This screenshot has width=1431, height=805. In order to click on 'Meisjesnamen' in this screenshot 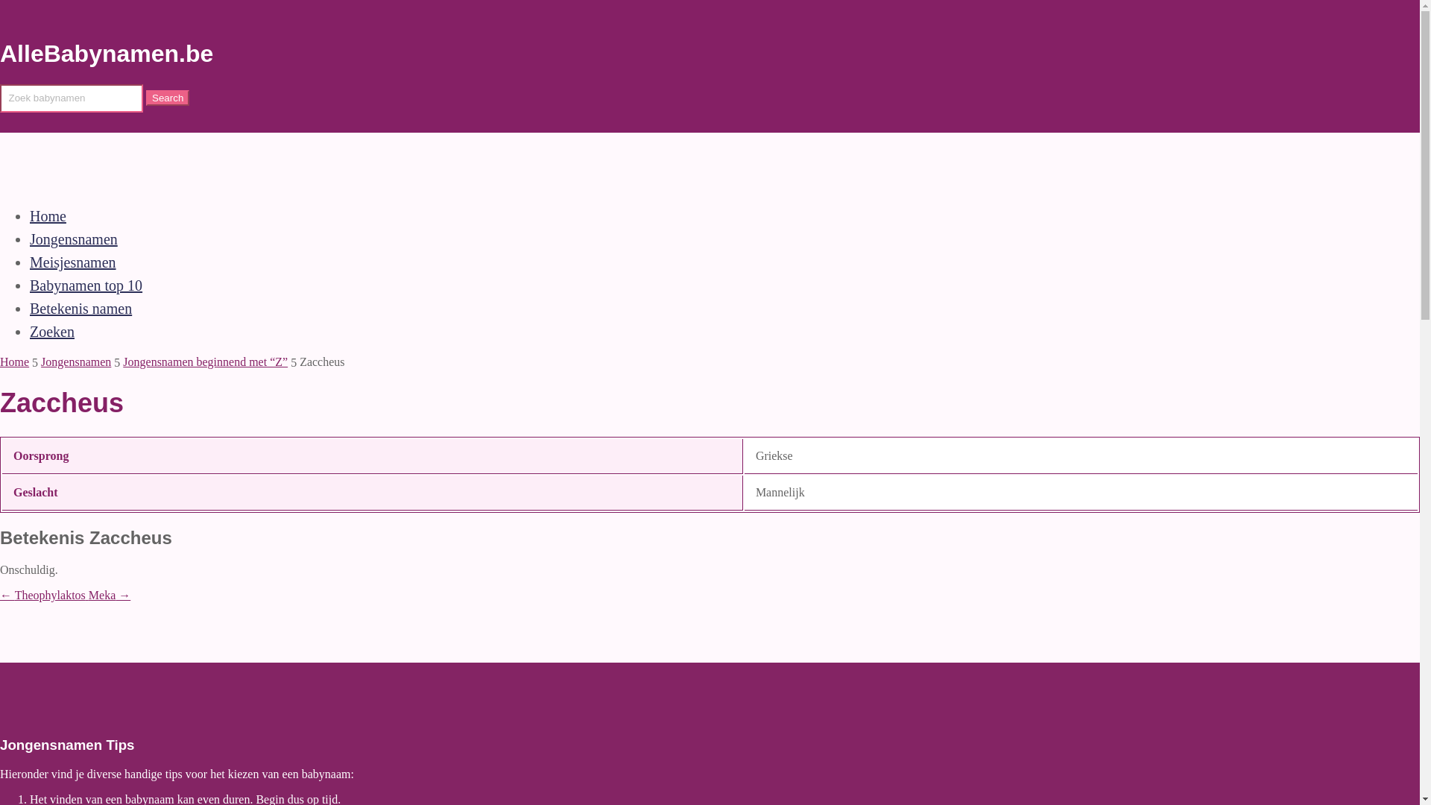, I will do `click(72, 261)`.